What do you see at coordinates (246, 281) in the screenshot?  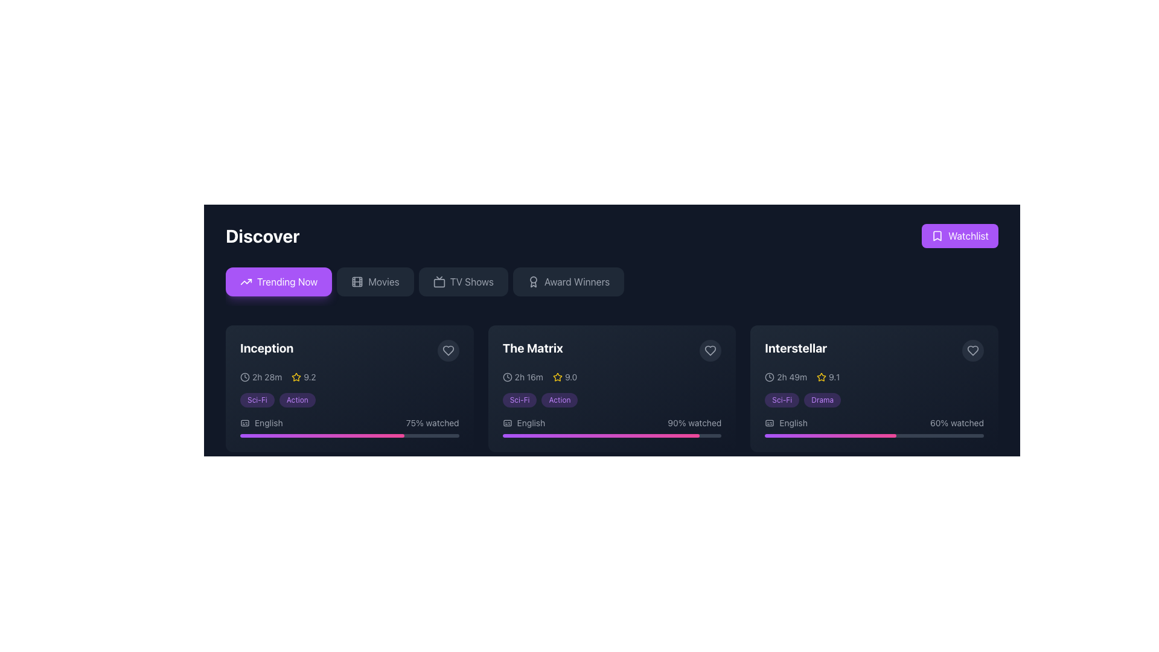 I see `the 'Trending Now' button which contains a white upward-trending arrow icon against a purple background` at bounding box center [246, 281].